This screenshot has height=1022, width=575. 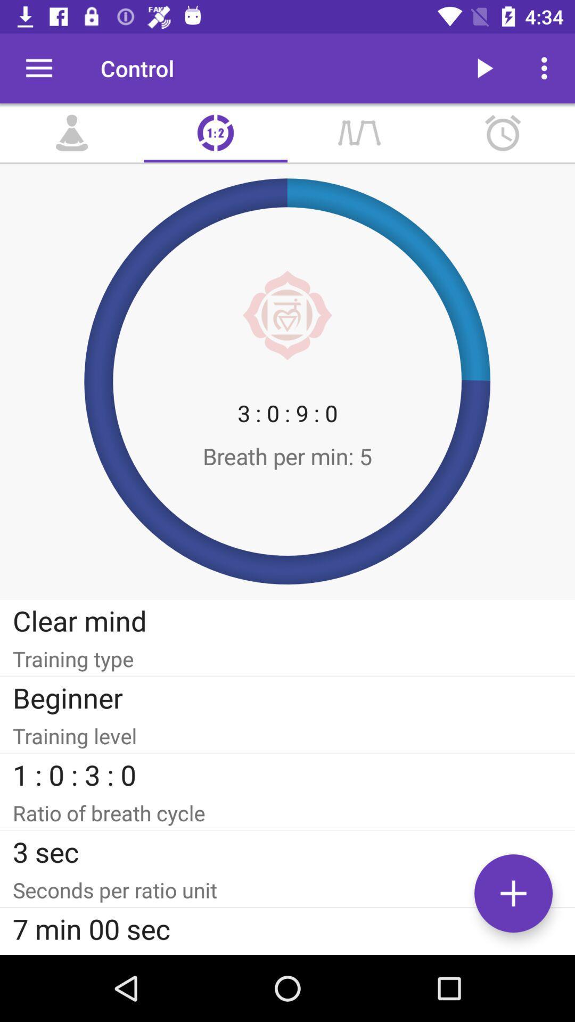 I want to click on item below the 3 sec, so click(x=287, y=890).